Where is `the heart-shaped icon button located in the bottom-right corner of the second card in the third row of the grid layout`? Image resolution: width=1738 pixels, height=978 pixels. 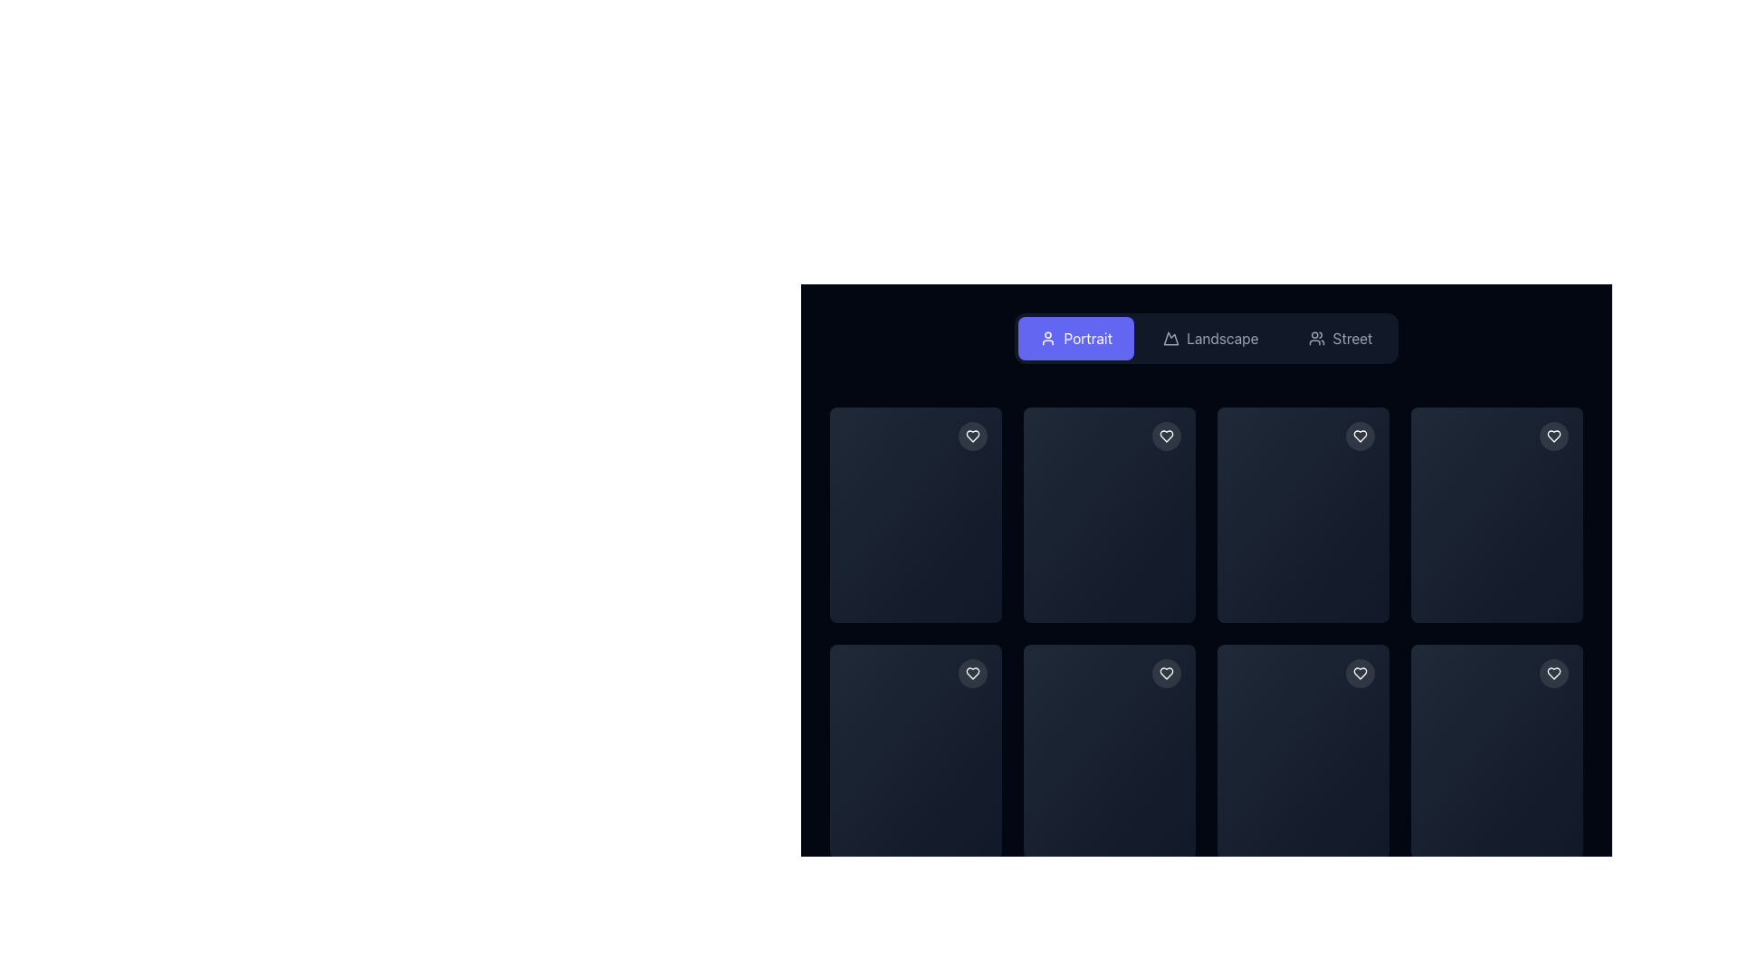
the heart-shaped icon button located in the bottom-right corner of the second card in the third row of the grid layout is located at coordinates (1167, 673).